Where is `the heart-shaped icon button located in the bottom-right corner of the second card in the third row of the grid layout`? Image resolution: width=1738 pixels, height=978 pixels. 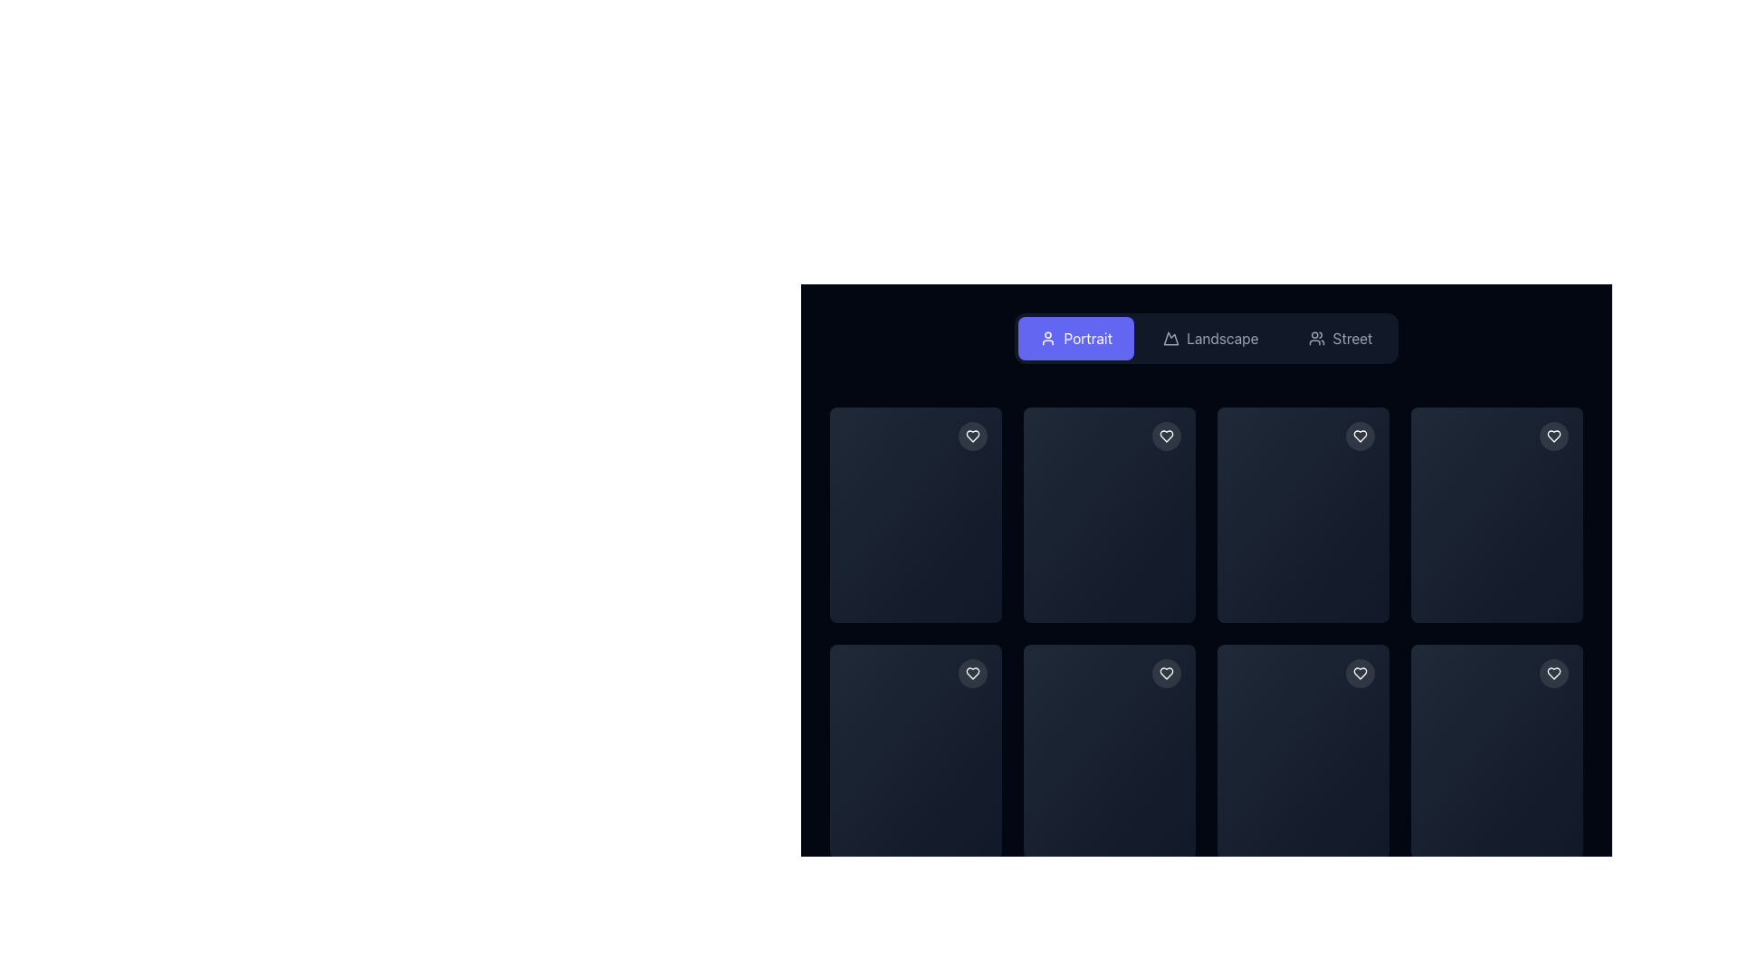
the heart-shaped icon button located in the bottom-right corner of the second card in the third row of the grid layout is located at coordinates (1167, 673).